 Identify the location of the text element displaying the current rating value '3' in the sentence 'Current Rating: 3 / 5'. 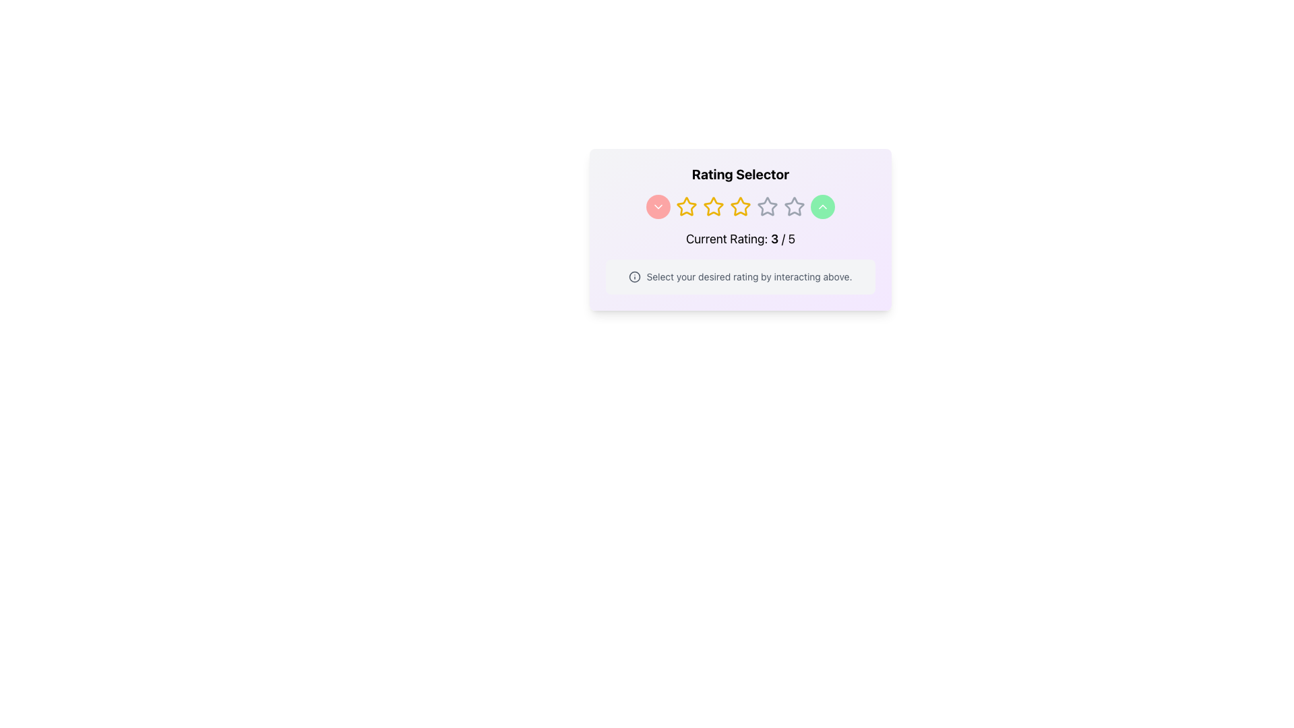
(774, 238).